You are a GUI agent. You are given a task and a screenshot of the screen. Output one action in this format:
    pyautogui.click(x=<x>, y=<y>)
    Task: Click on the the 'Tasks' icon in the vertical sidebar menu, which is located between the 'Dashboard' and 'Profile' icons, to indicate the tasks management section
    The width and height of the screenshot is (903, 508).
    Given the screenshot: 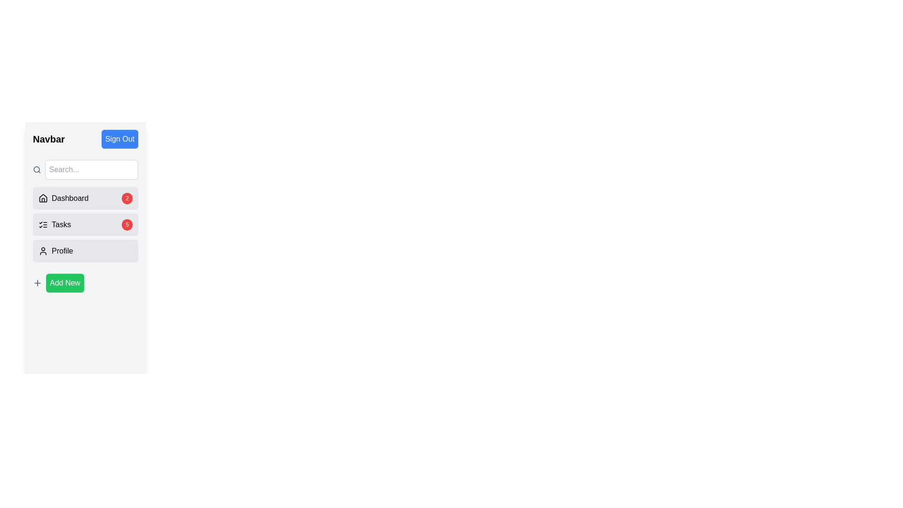 What is the action you would take?
    pyautogui.click(x=42, y=225)
    